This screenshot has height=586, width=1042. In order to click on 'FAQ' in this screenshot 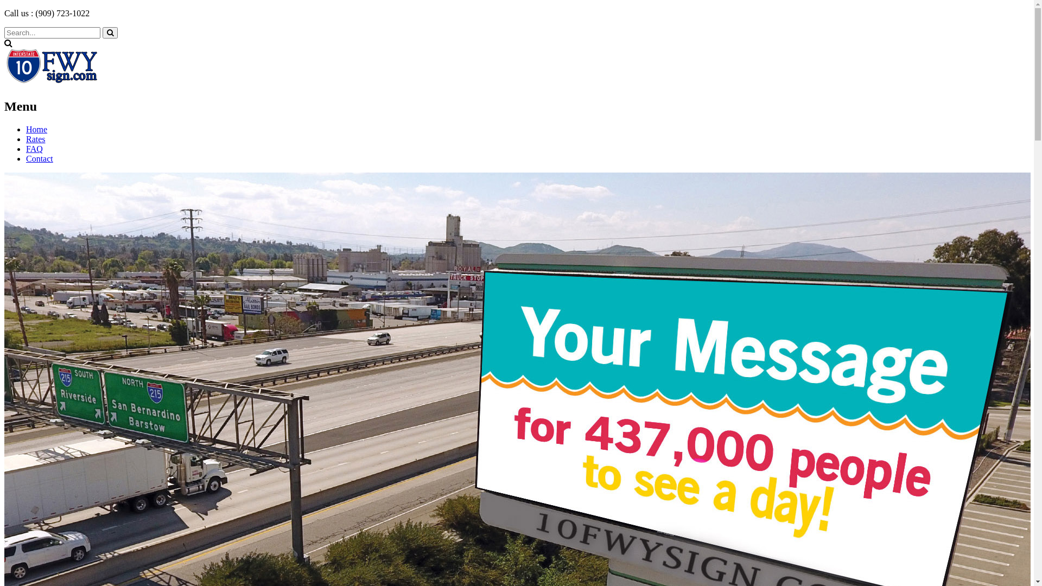, I will do `click(34, 149)`.